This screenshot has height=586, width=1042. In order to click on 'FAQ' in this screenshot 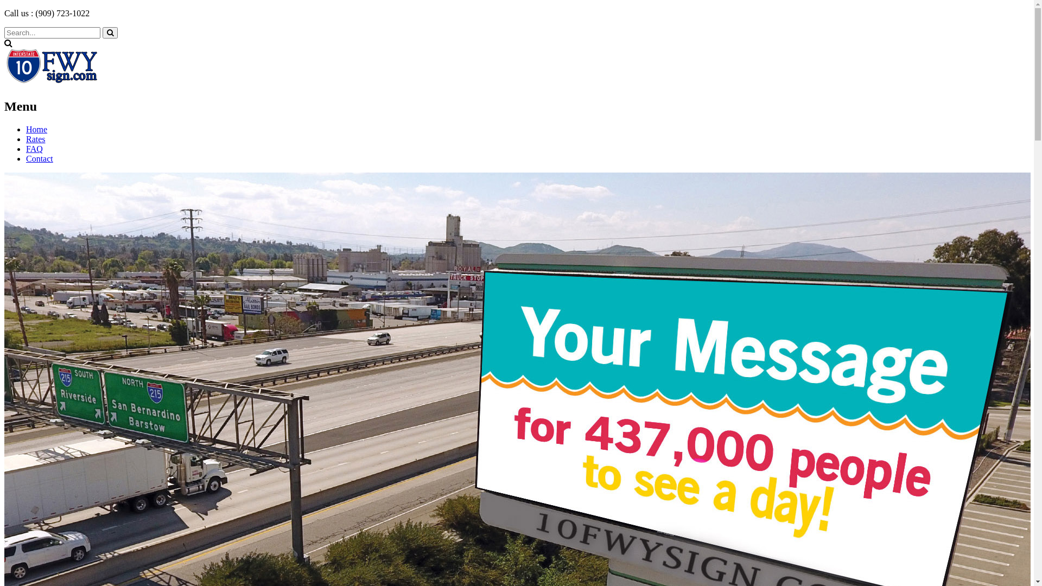, I will do `click(34, 149)`.